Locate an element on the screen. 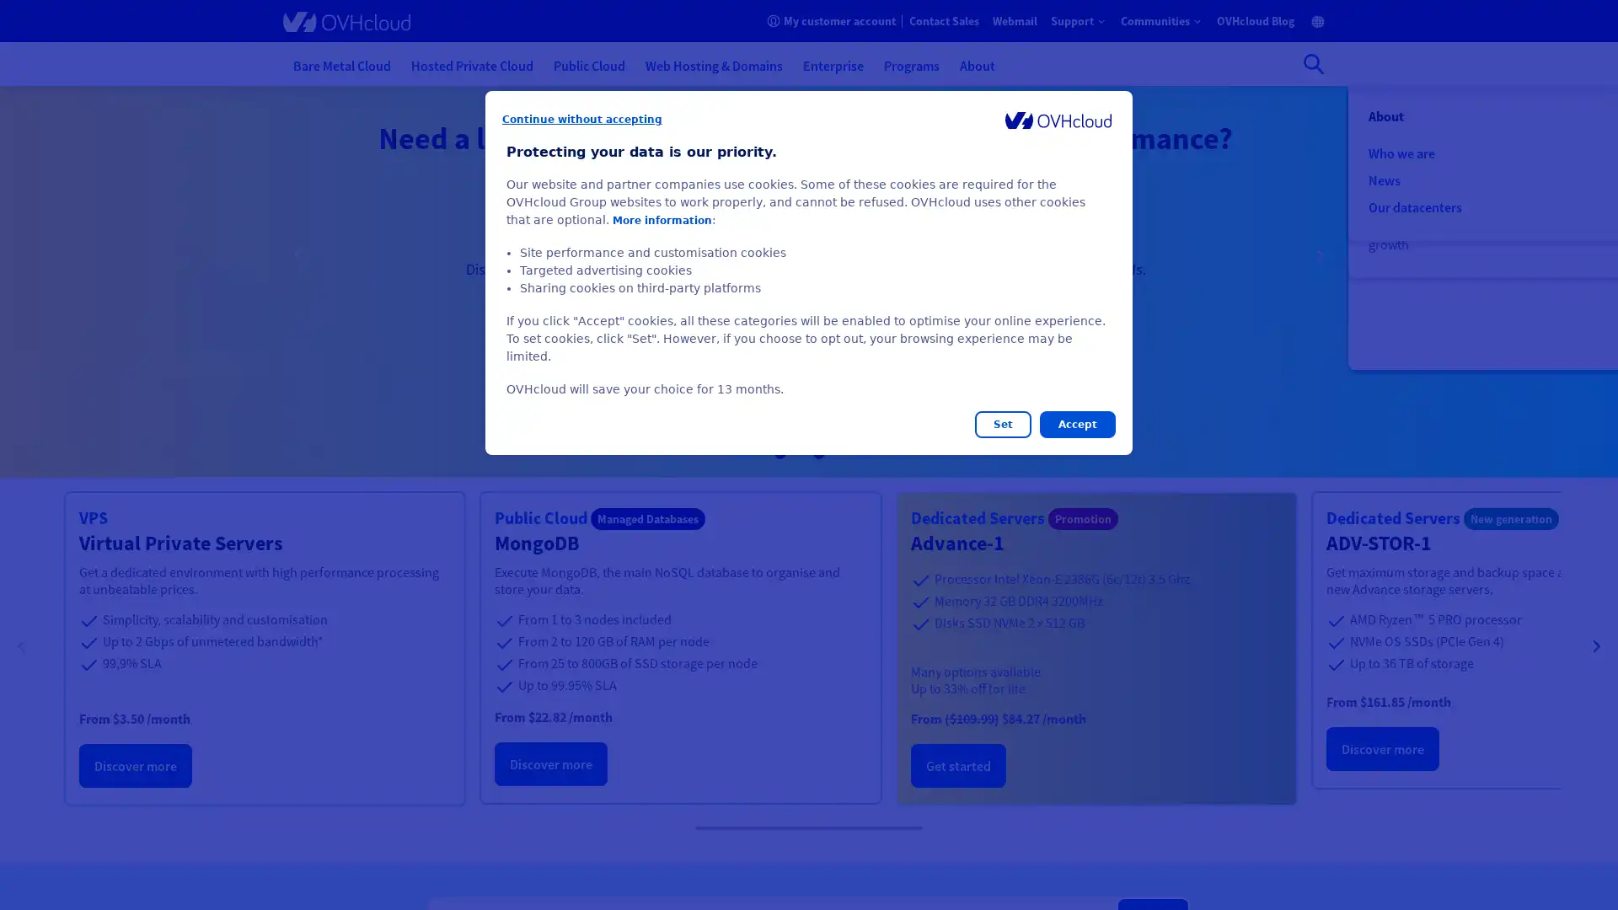  Discover more is located at coordinates (1382, 747).